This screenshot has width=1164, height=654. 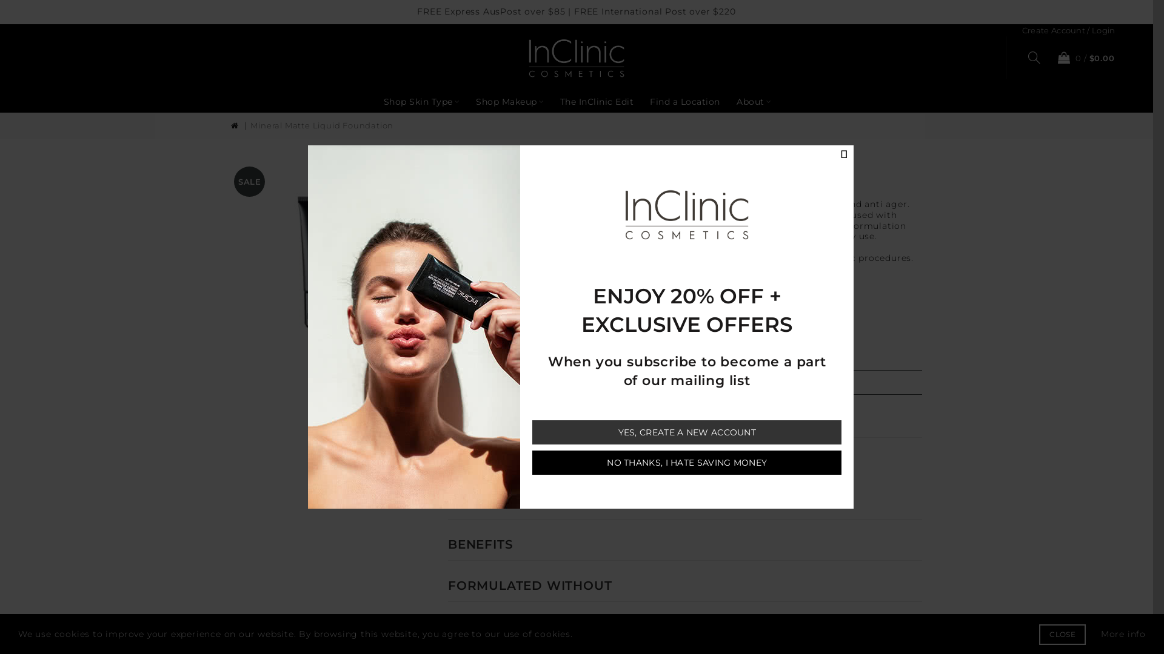 I want to click on 'More info', so click(x=1122, y=633).